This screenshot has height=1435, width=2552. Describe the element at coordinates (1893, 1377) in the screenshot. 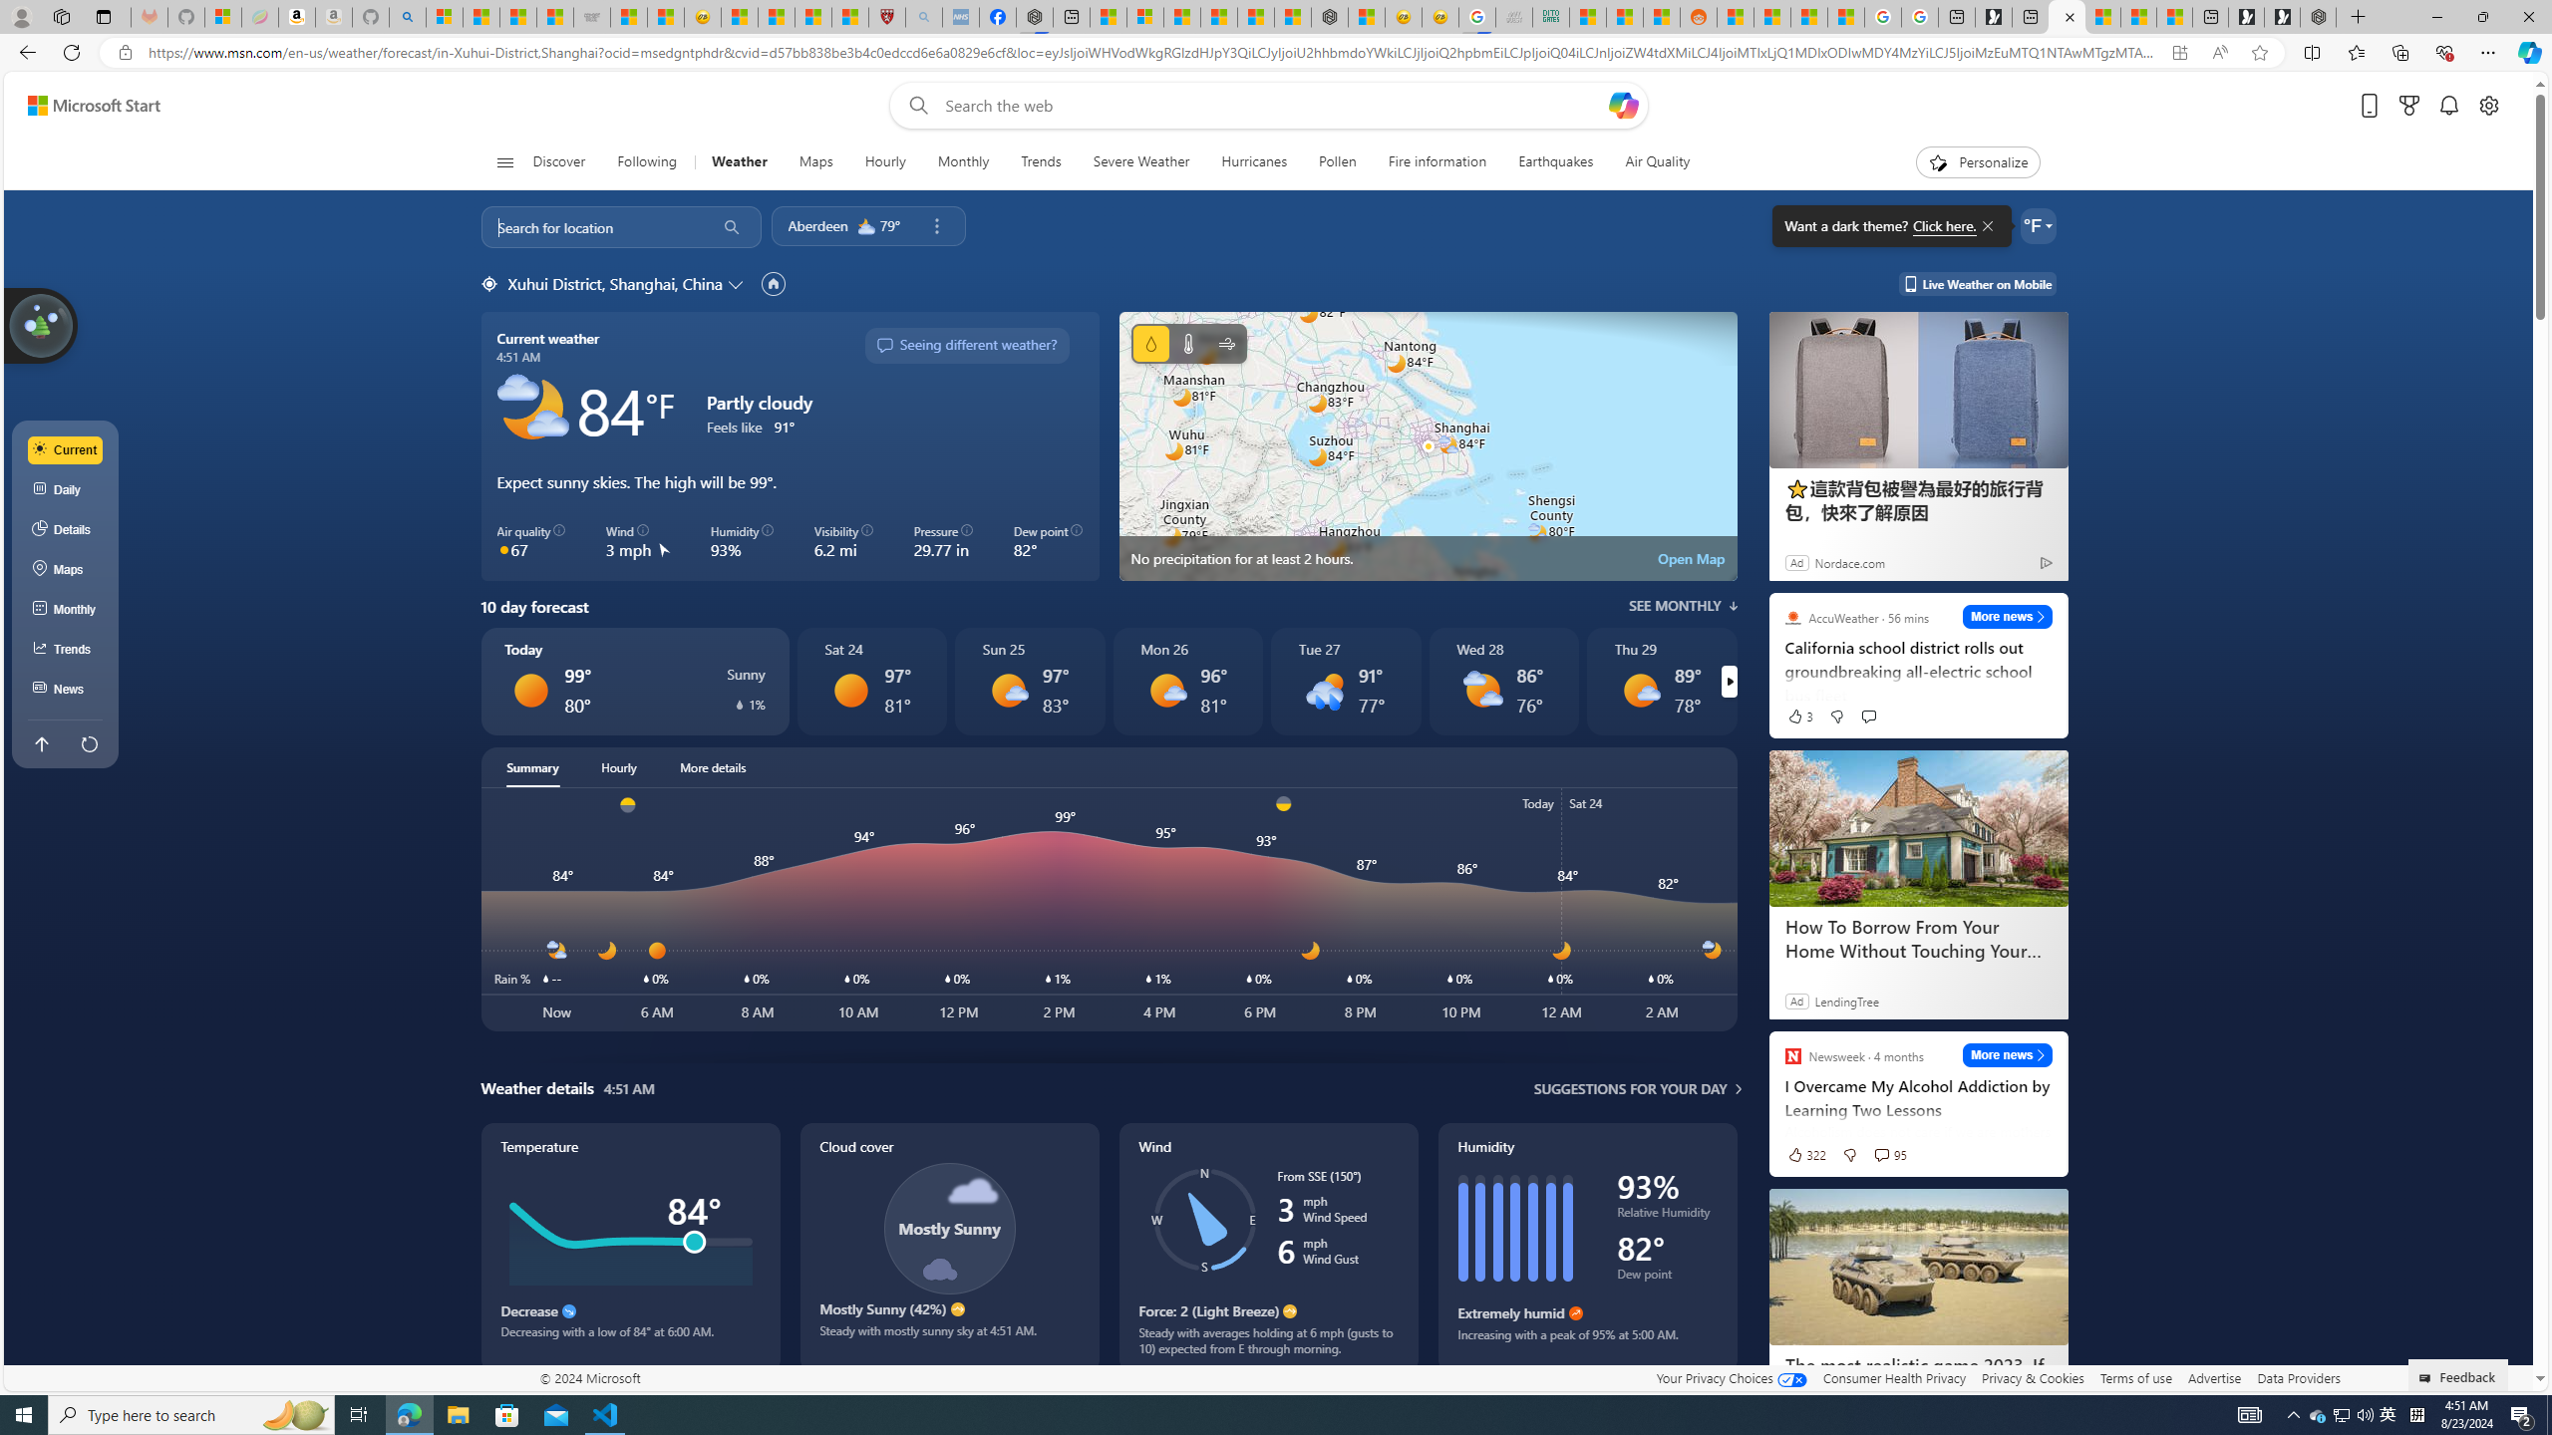

I see `'Consumer Health Privacy'` at that location.